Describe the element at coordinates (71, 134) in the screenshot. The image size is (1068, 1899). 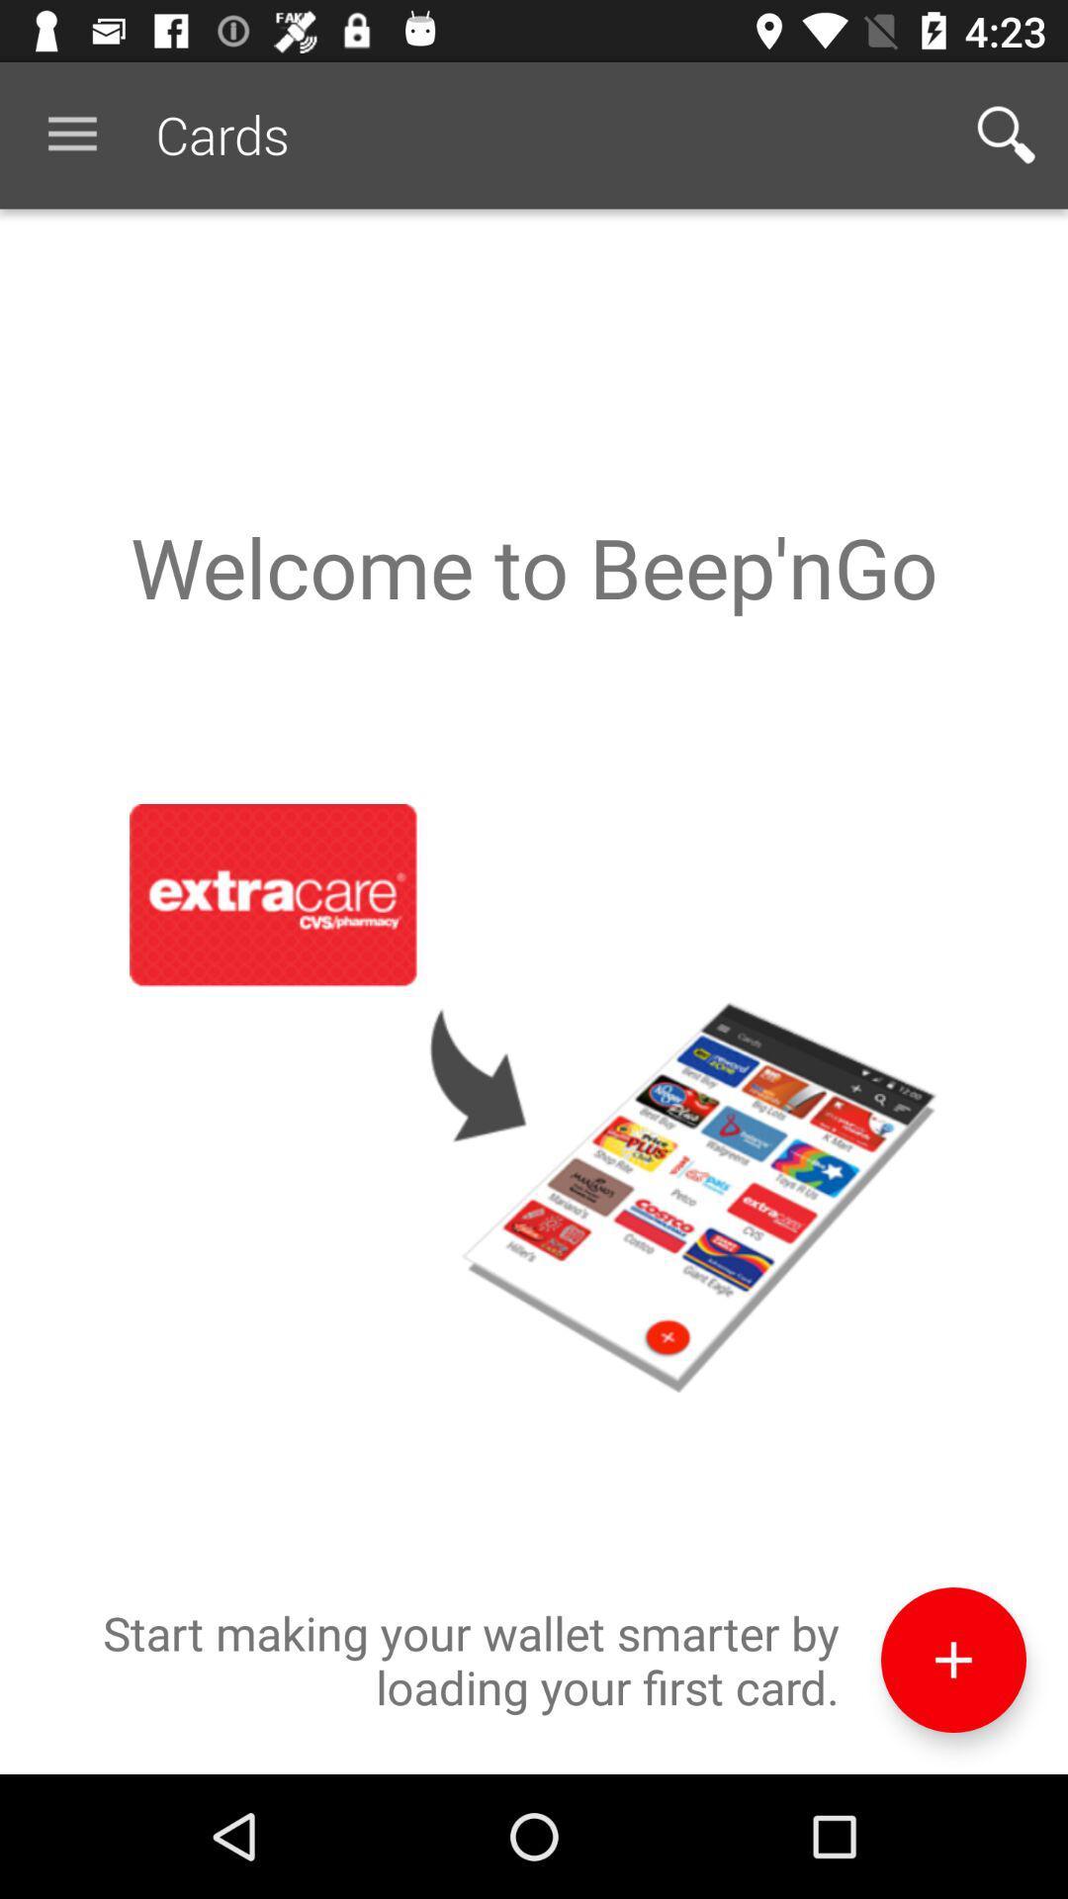
I see `the icon to the left of the cards` at that location.